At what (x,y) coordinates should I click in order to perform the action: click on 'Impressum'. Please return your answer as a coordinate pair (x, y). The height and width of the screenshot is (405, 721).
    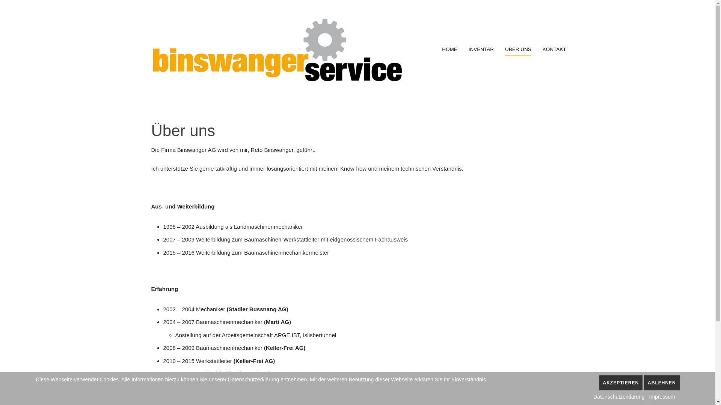
    Looking at the image, I should click on (649, 396).